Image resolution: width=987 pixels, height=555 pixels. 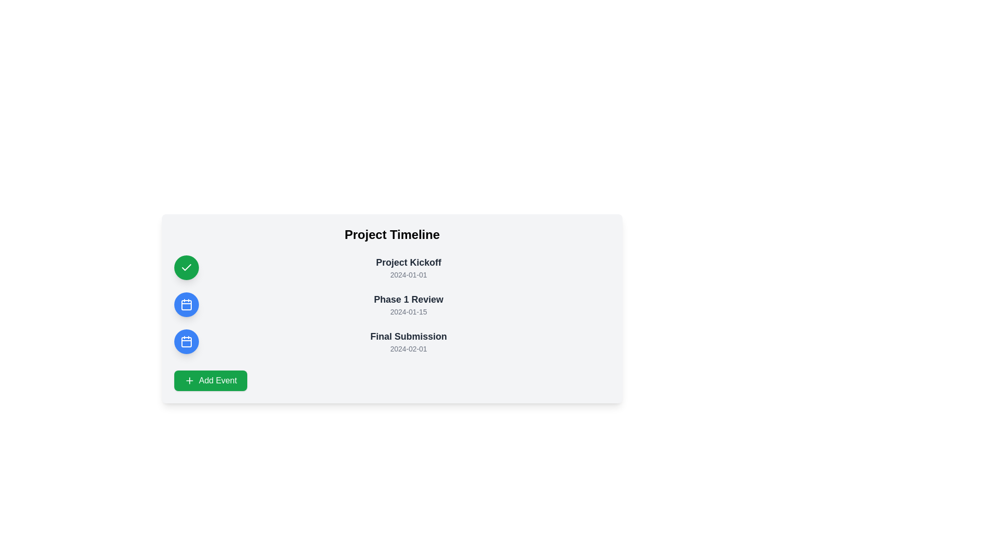 What do you see at coordinates (392, 267) in the screenshot?
I see `event details of the first List Item in the Project Timeline, which is located directly below the title 'Project Timeline' and above 'Phase 1 Review'` at bounding box center [392, 267].